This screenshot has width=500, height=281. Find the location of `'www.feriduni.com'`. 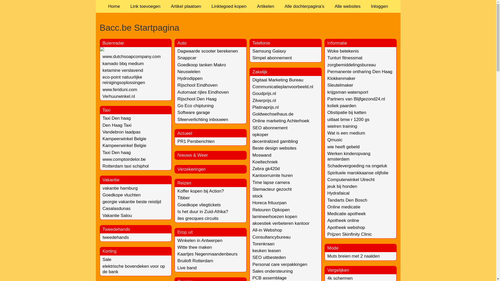

'www.feriduni.com' is located at coordinates (120, 89).